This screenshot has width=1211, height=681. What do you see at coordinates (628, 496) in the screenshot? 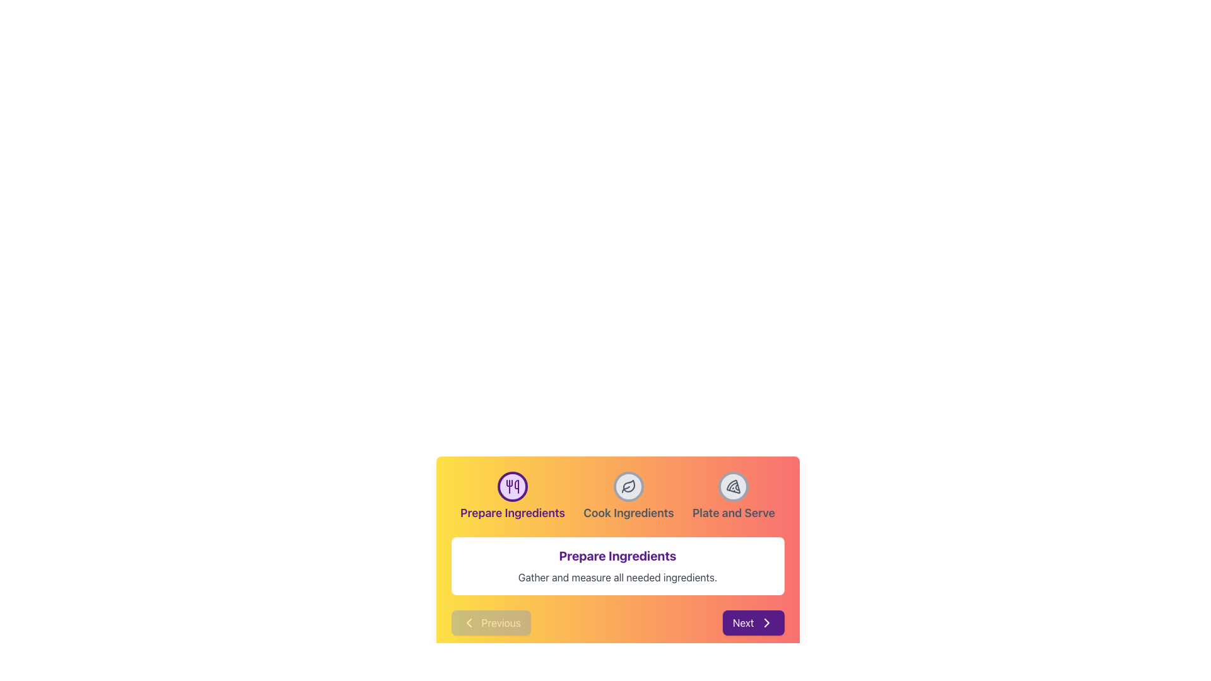
I see `the navigational button labeled 'Cook Ingredients' located between 'Prepare Ingredients' and 'Plate and Serve'` at bounding box center [628, 496].